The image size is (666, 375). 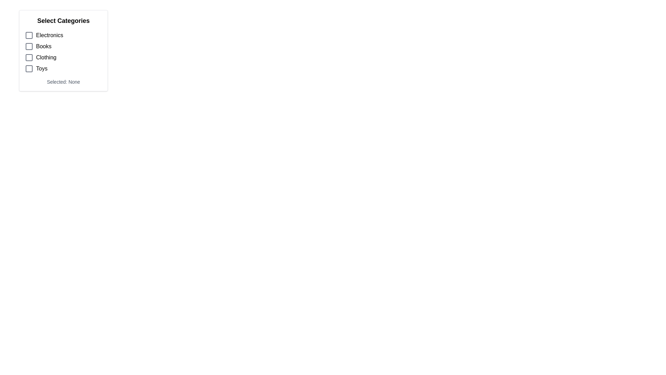 What do you see at coordinates (63, 47) in the screenshot?
I see `the checkbox for the 'Books' category in the 'Select Categories' box` at bounding box center [63, 47].